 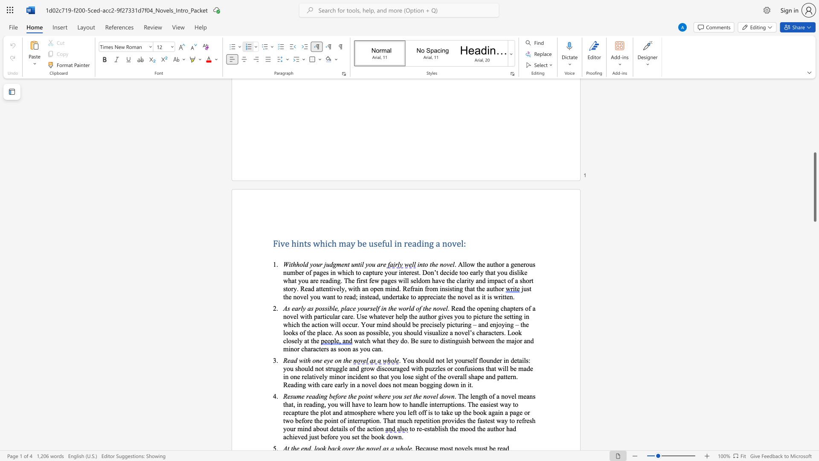 I want to click on the 3th character "o" in the text, so click(x=332, y=404).